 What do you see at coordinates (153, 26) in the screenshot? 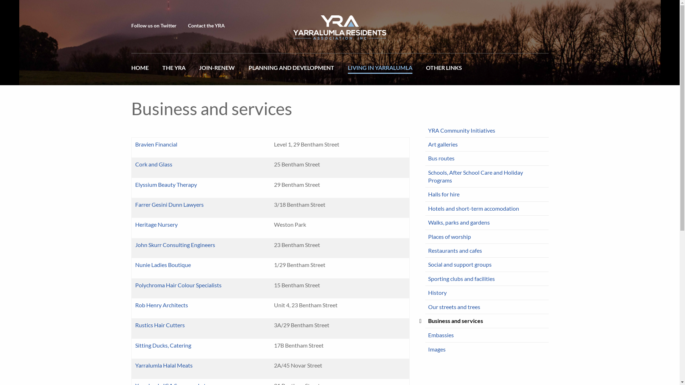
I see `'Follow us on Twitter'` at bounding box center [153, 26].